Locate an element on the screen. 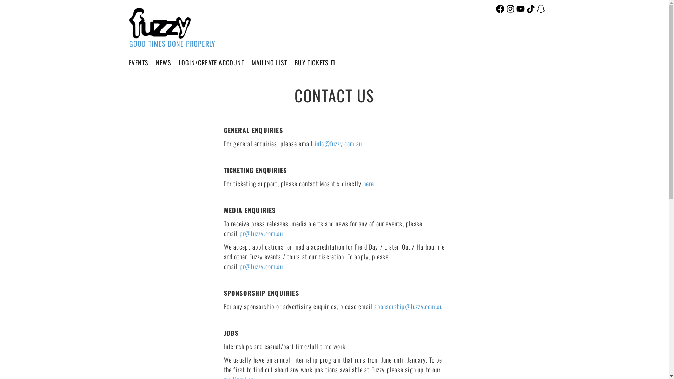 The height and width of the screenshot is (379, 674). 'pr@fuzzy.com.au' is located at coordinates (239, 266).